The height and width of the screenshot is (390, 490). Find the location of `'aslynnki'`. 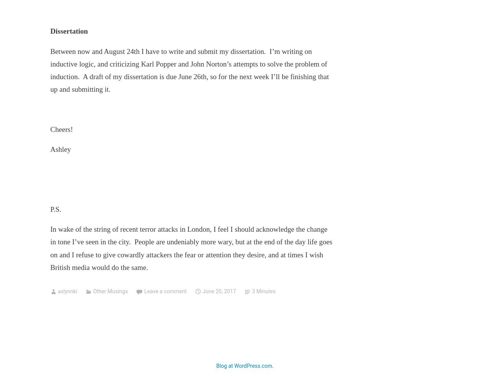

'aslynnki' is located at coordinates (67, 291).